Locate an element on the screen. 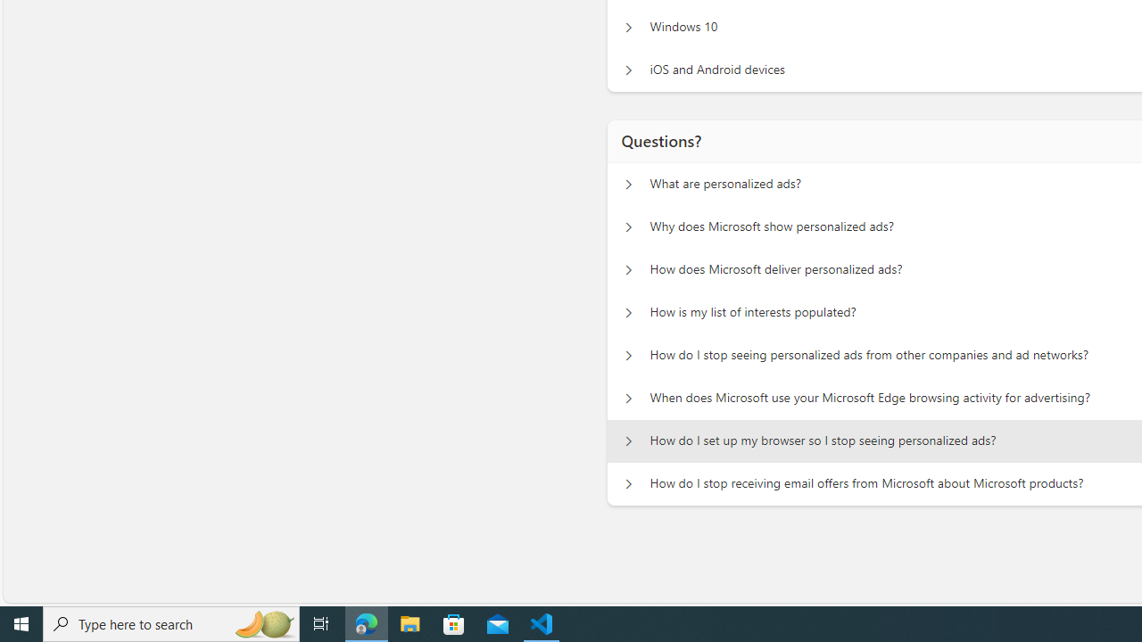  'Questions? How is my list of interests populated?' is located at coordinates (628, 312).